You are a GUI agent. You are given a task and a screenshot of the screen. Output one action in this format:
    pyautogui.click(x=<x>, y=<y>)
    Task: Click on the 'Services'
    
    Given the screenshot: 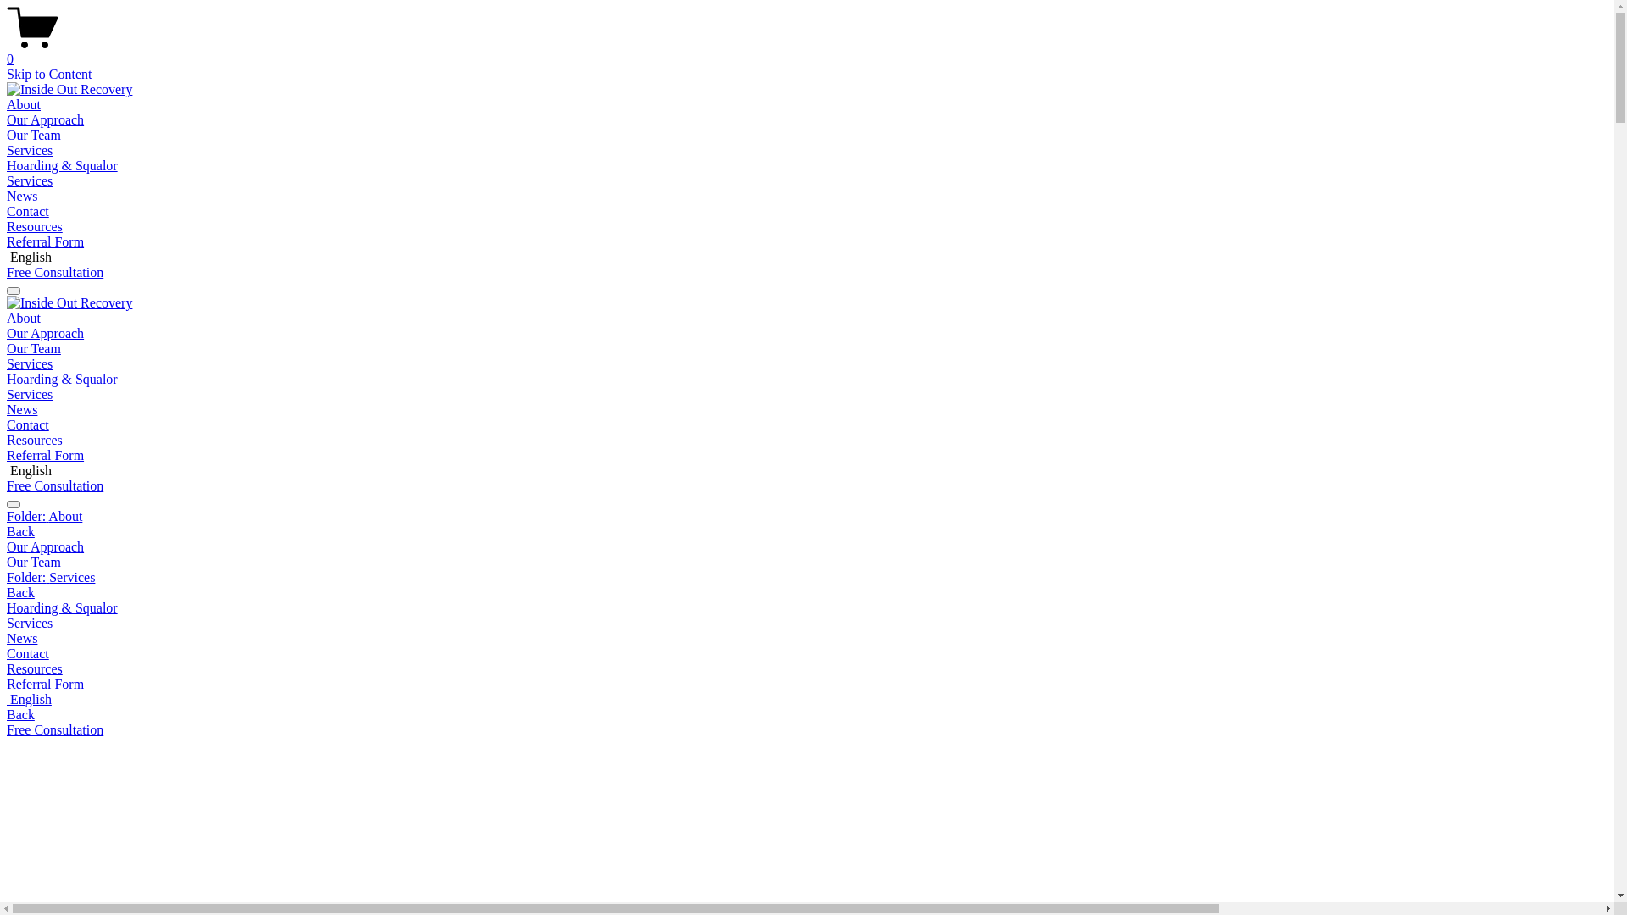 What is the action you would take?
    pyautogui.click(x=29, y=149)
    